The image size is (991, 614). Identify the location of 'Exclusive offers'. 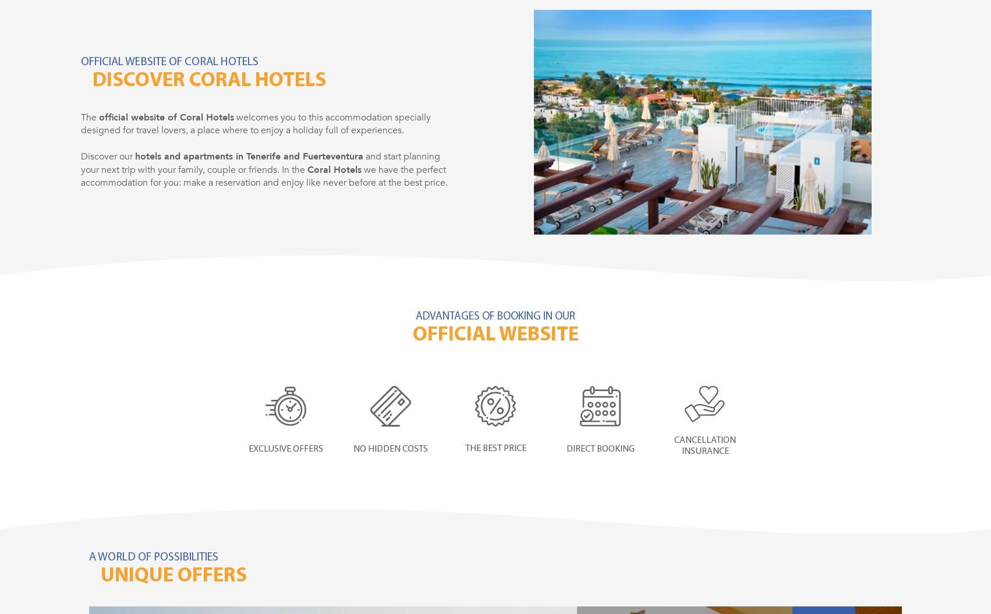
(285, 448).